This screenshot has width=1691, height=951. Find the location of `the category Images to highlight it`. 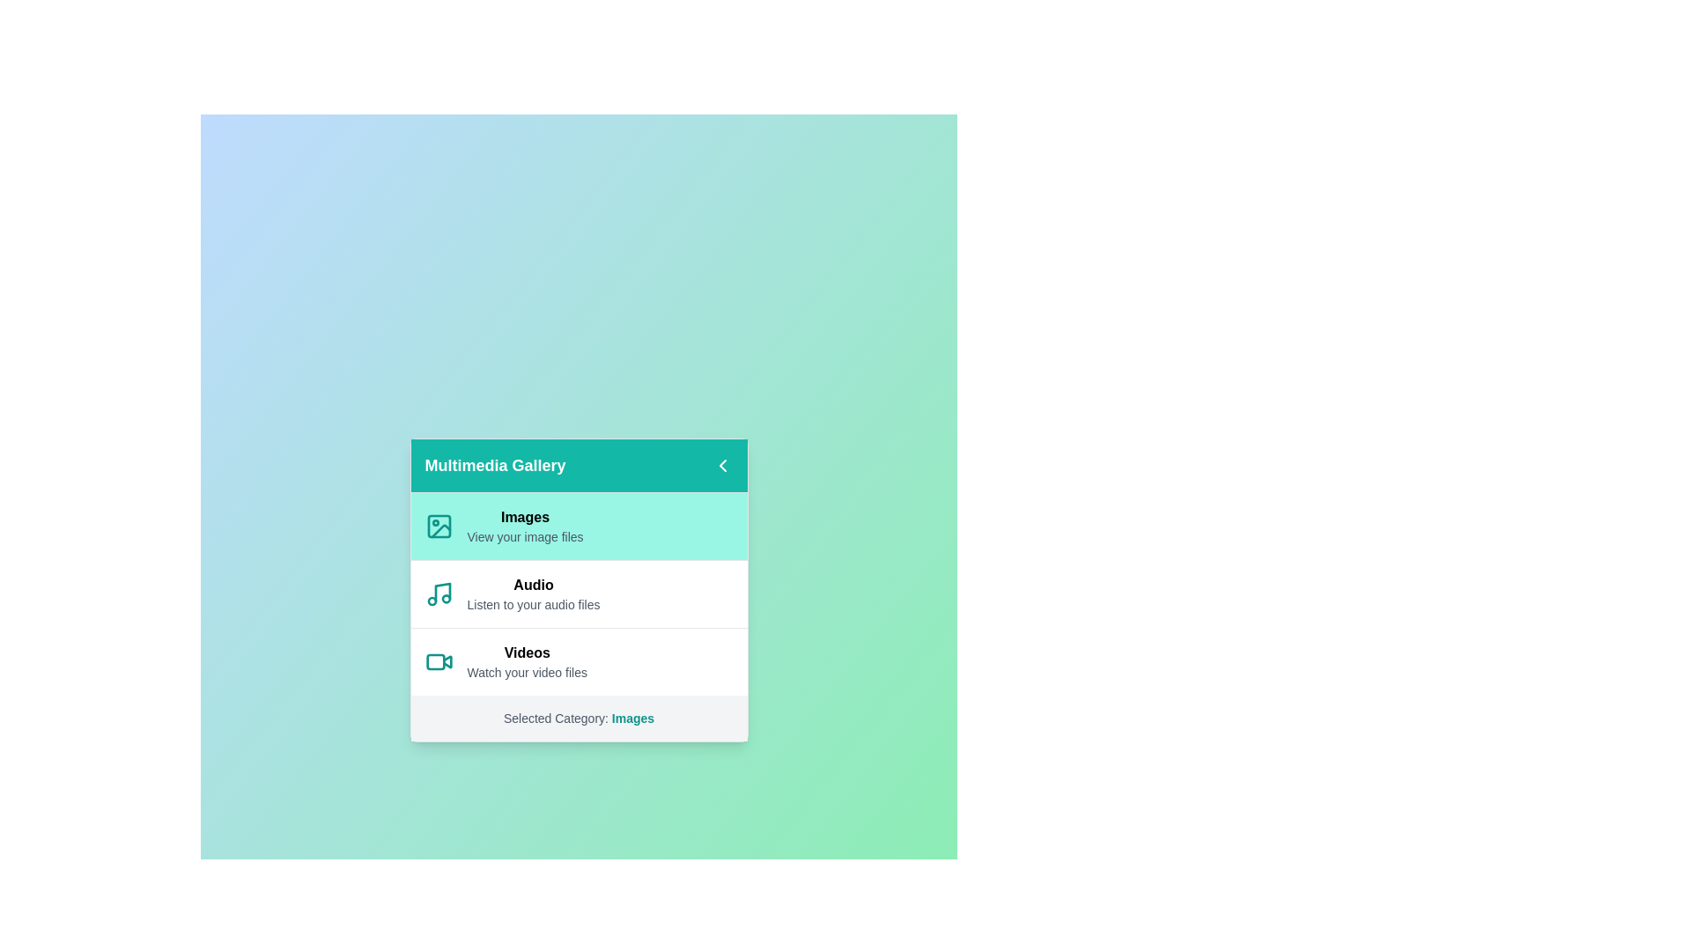

the category Images to highlight it is located at coordinates (579, 525).